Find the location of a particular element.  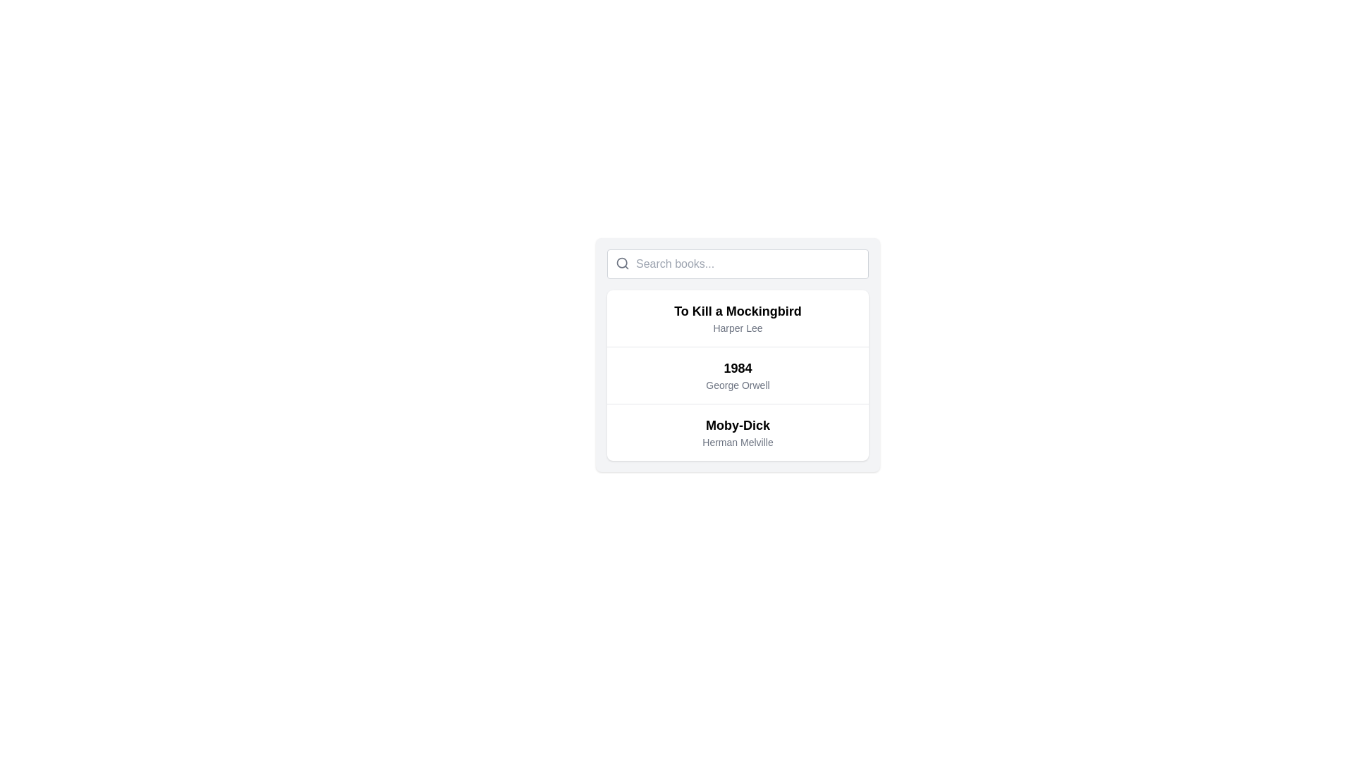

the text label displaying 'George Orwell', which is located below the title '1984' in a clickable card is located at coordinates (737, 385).